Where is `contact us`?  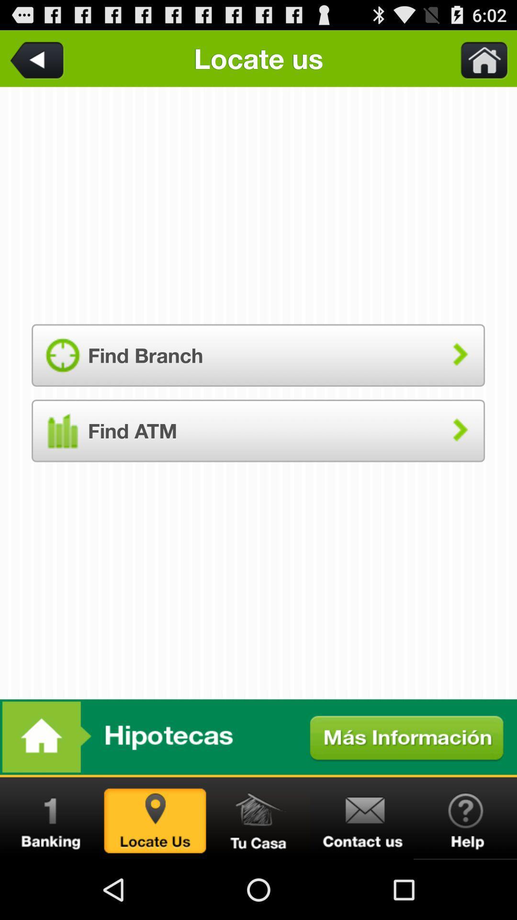
contact us is located at coordinates (362, 818).